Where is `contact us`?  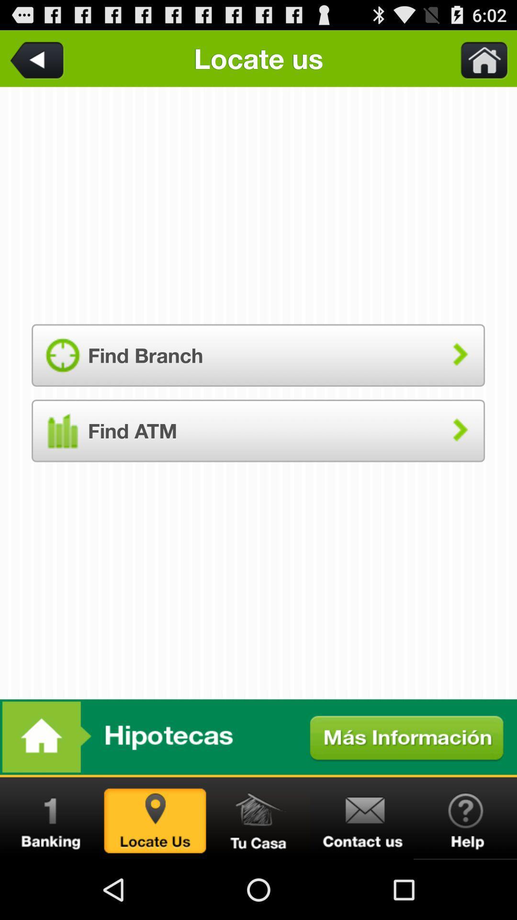
contact us is located at coordinates (362, 818).